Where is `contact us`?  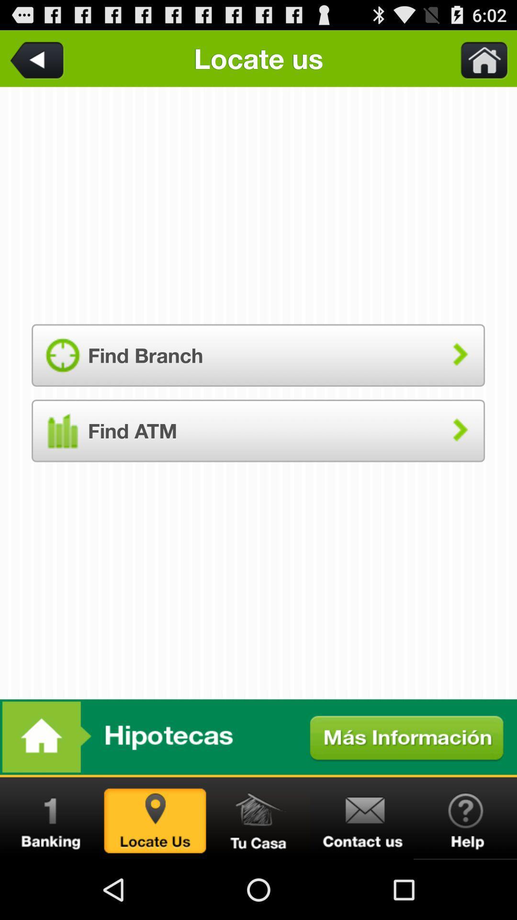
contact us is located at coordinates (362, 818).